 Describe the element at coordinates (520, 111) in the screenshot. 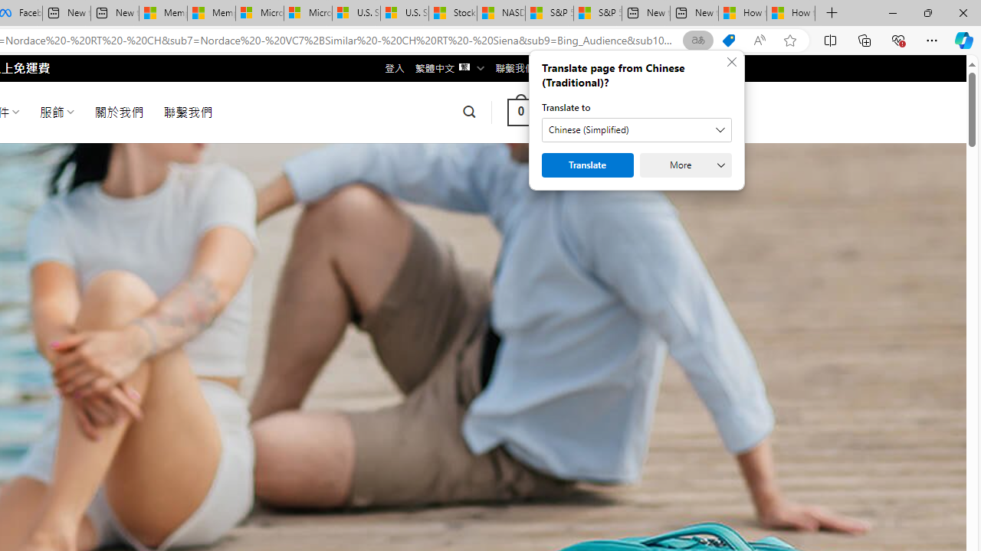

I see `'  0  '` at that location.